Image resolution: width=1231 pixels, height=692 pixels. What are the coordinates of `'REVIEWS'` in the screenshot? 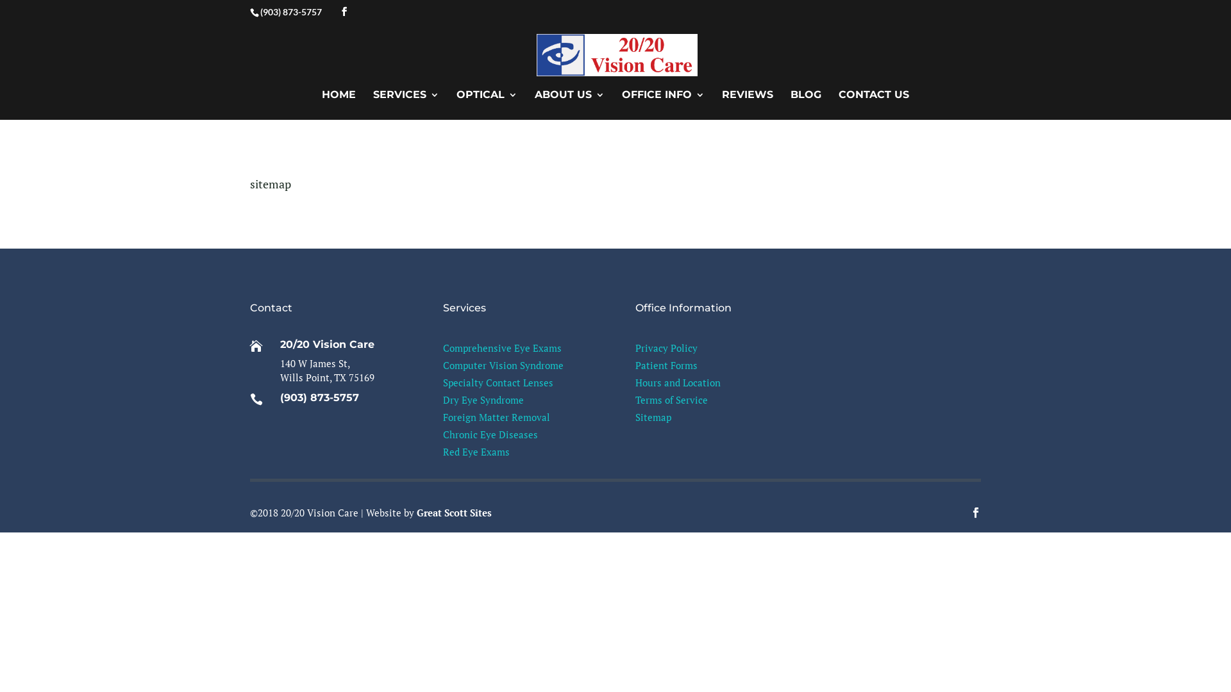 It's located at (748, 104).